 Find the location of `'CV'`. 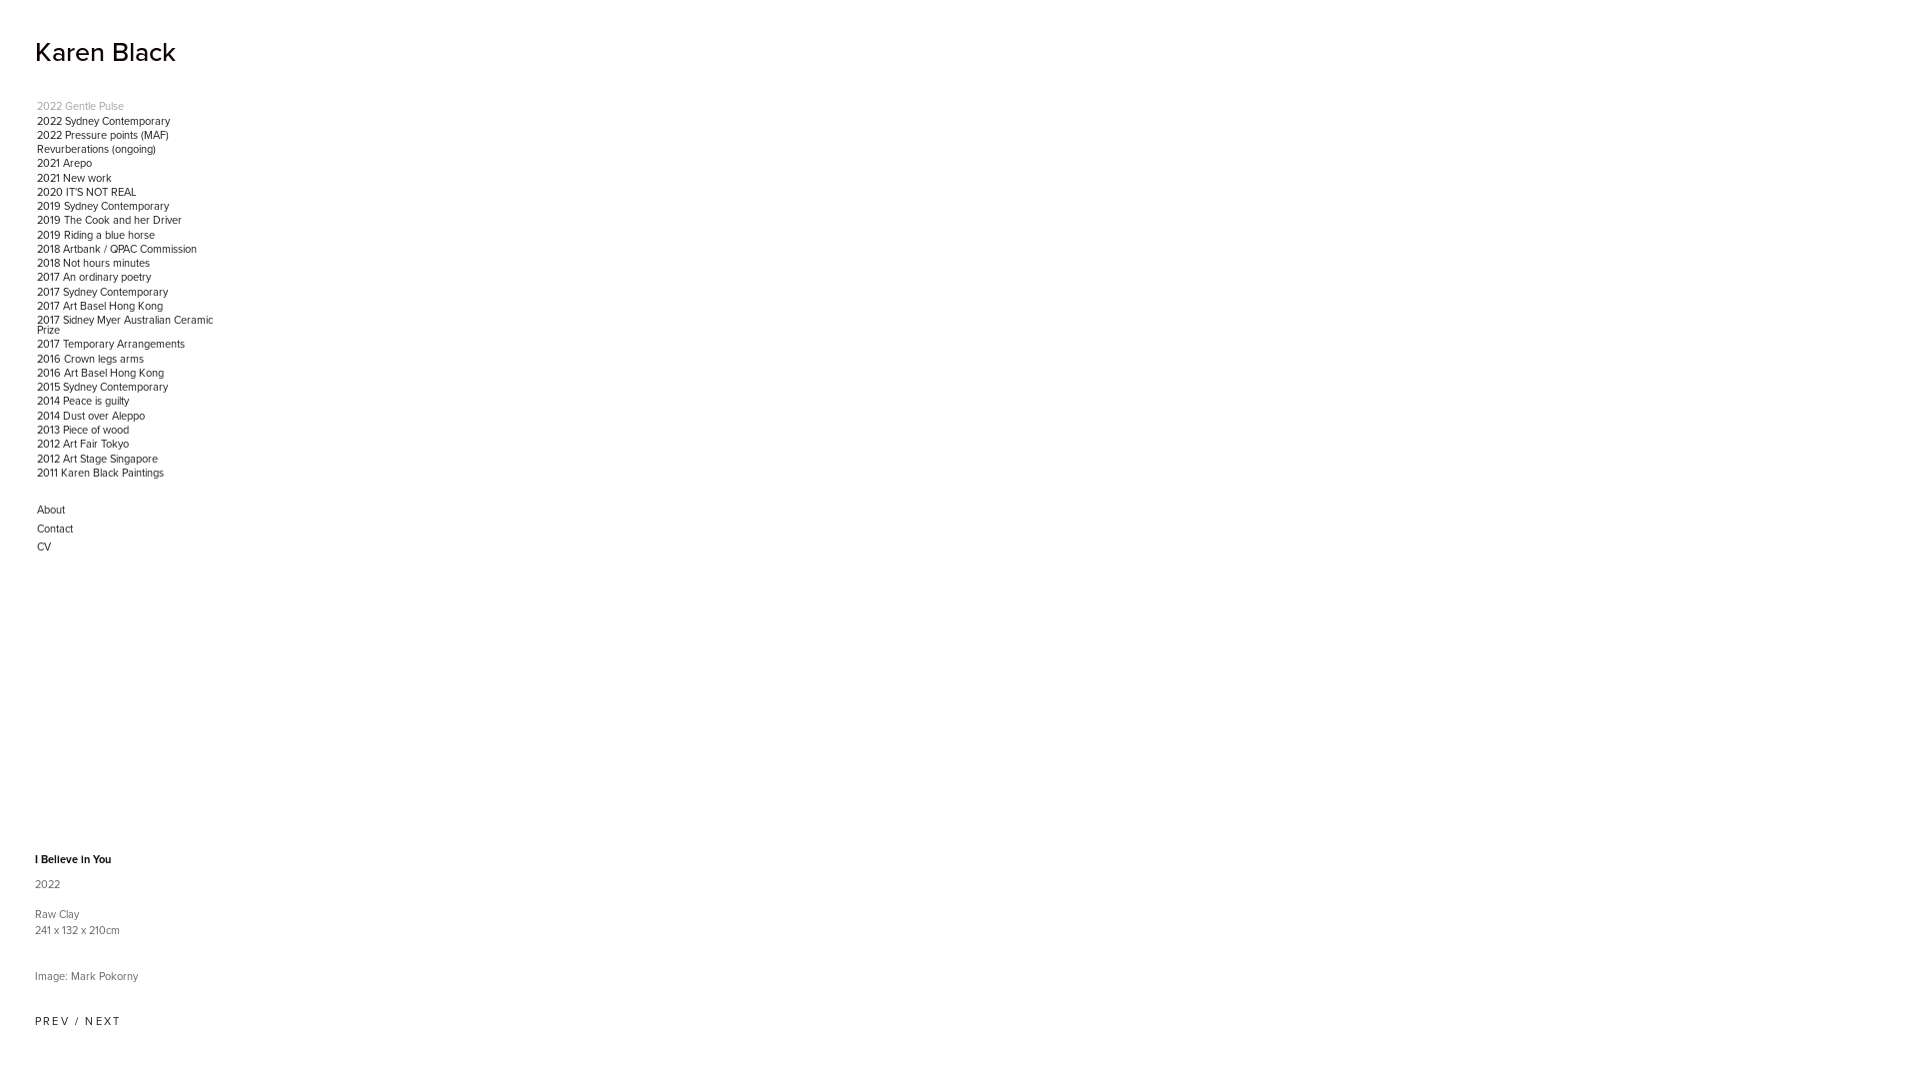

'CV' is located at coordinates (128, 546).